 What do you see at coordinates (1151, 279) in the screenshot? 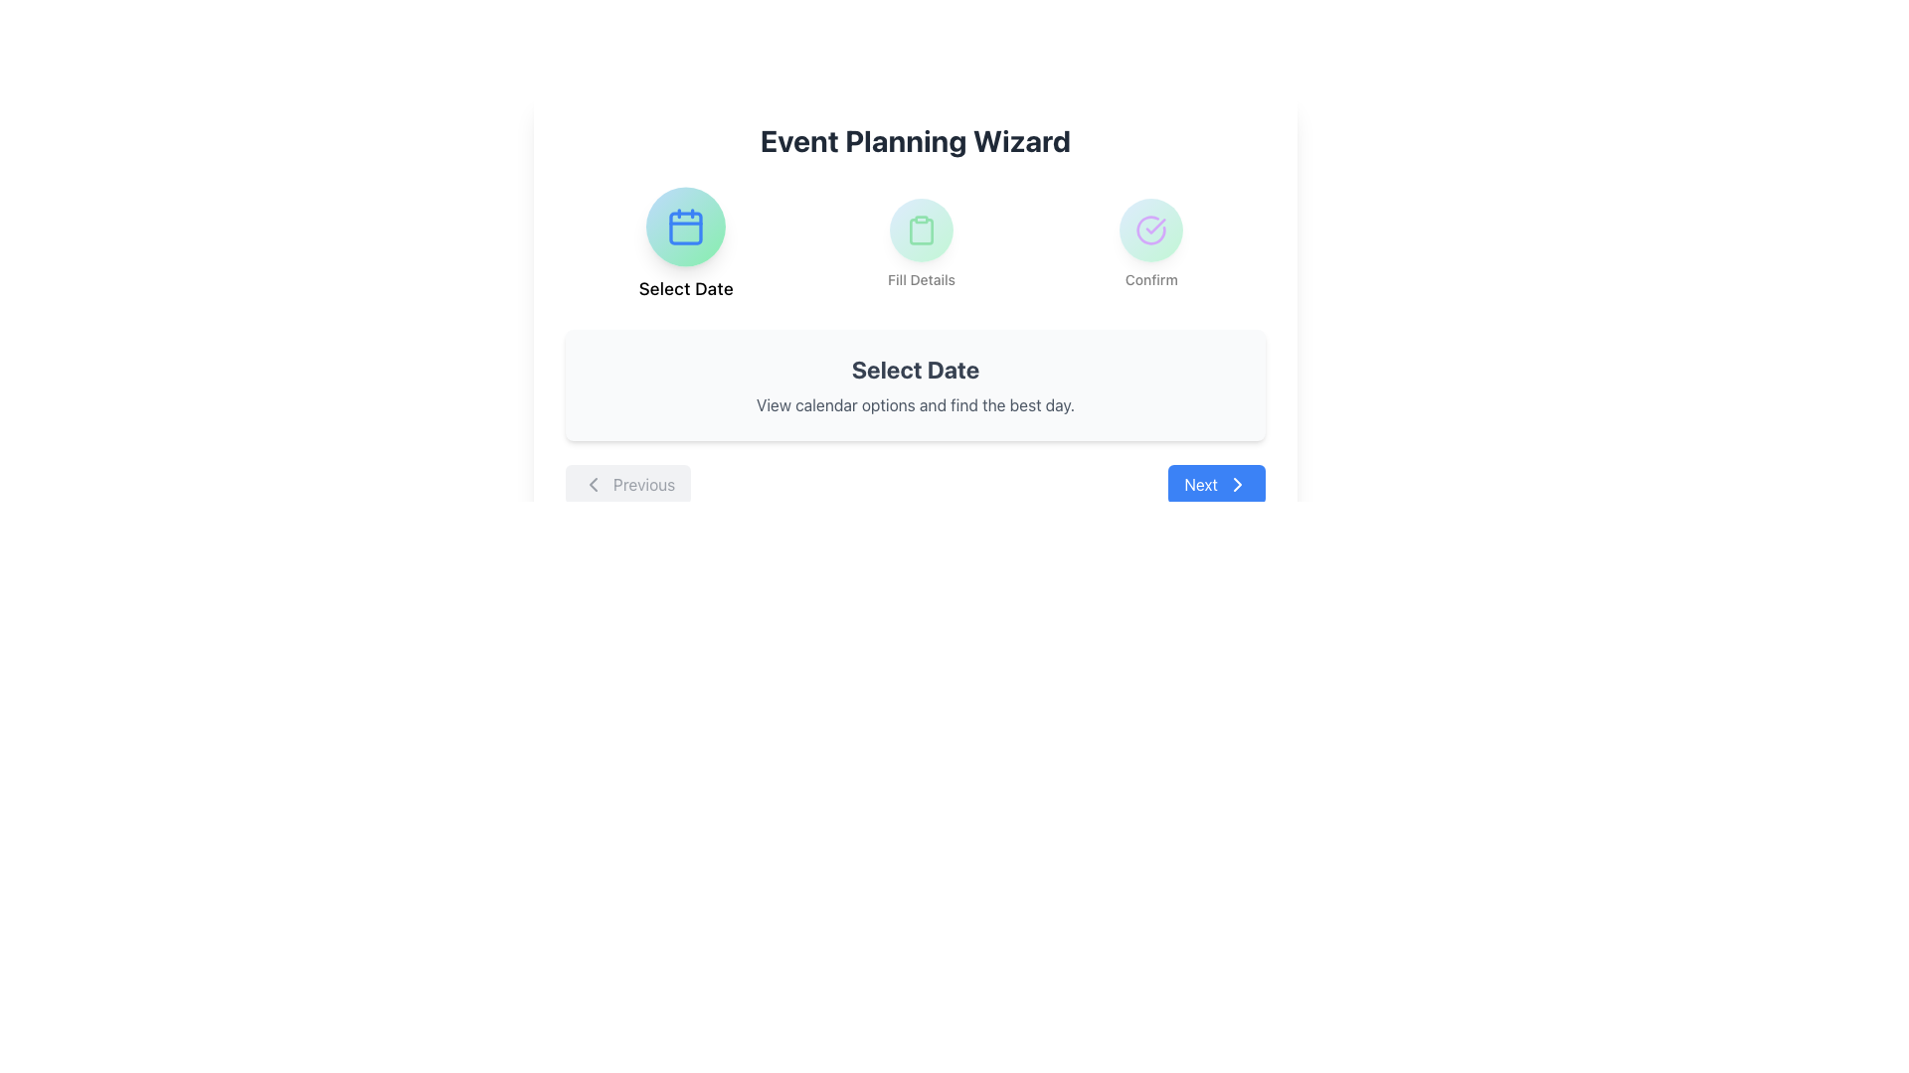
I see `the Text Label that provides context for the associated icon, located at the bottom of a vertically-aligned group, which is the rightmost item in a row of three similar groups` at bounding box center [1151, 279].